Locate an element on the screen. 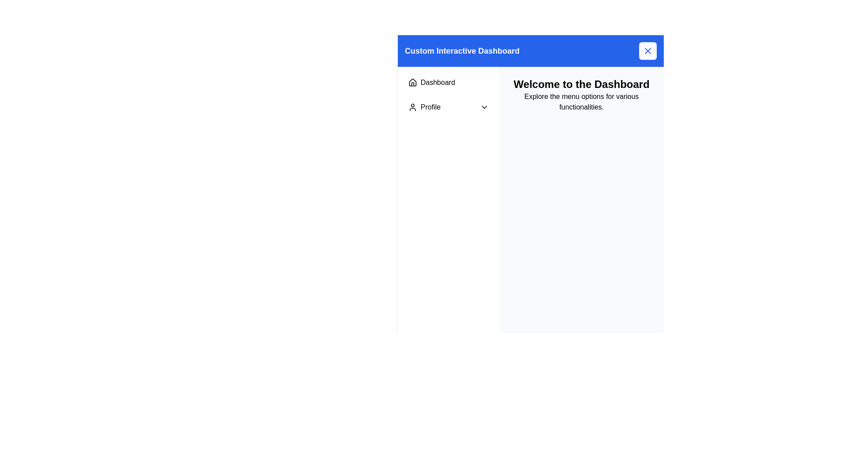  the text element located directly beneath the header 'Welcome to the Dashboard' in the main content area of the dashboard is located at coordinates (582, 101).